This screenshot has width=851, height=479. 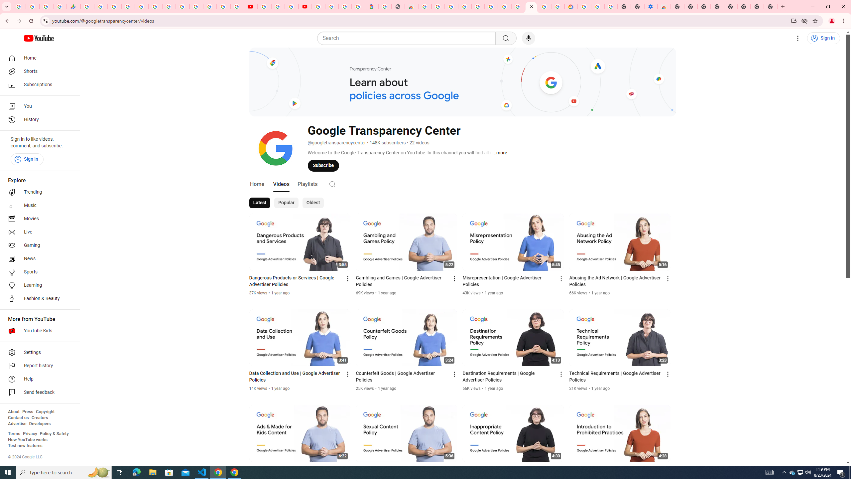 I want to click on 'Search', so click(x=408, y=38).